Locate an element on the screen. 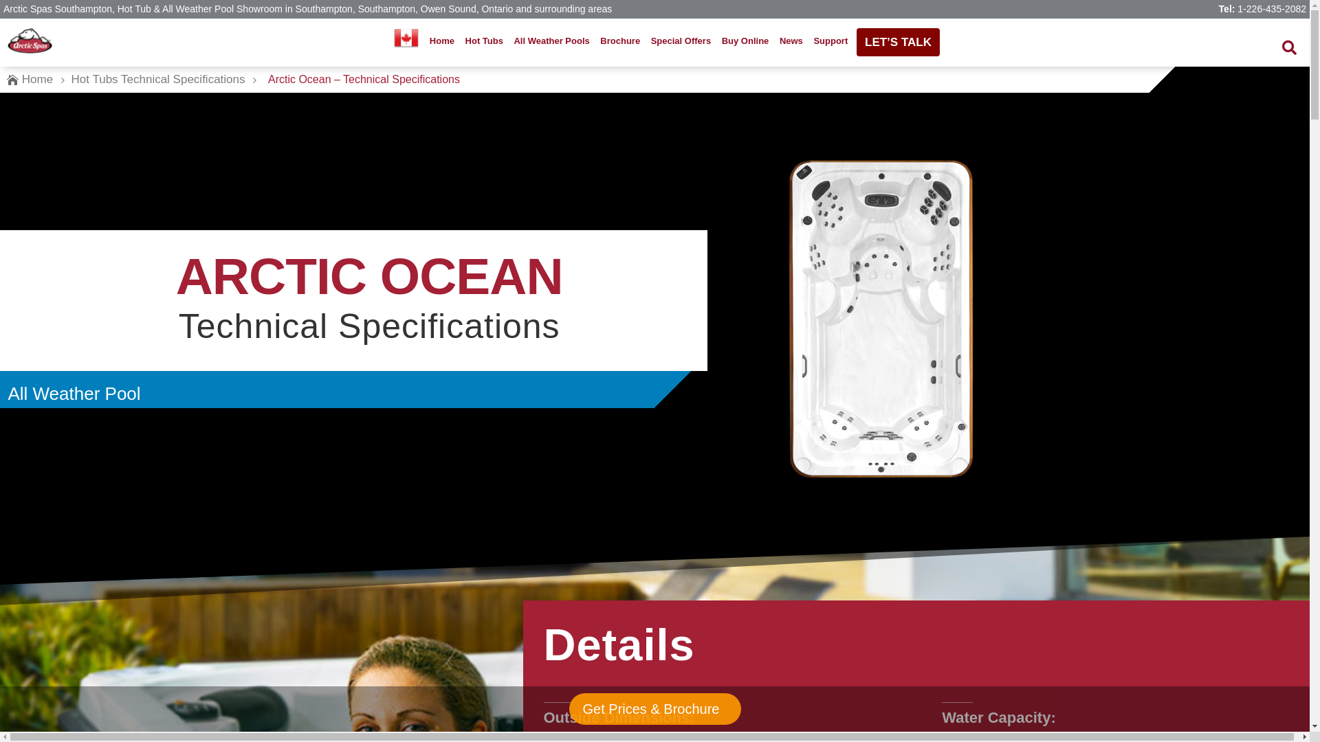  'Choose Your Location' is located at coordinates (389, 40).